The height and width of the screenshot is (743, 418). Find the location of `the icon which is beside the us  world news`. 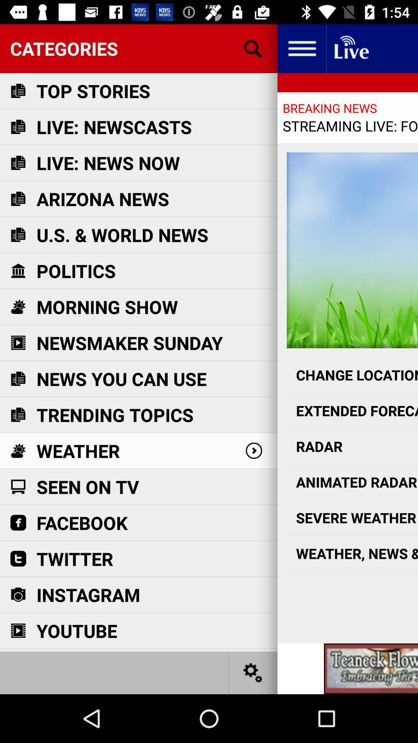

the icon which is beside the us  world news is located at coordinates (17, 234).